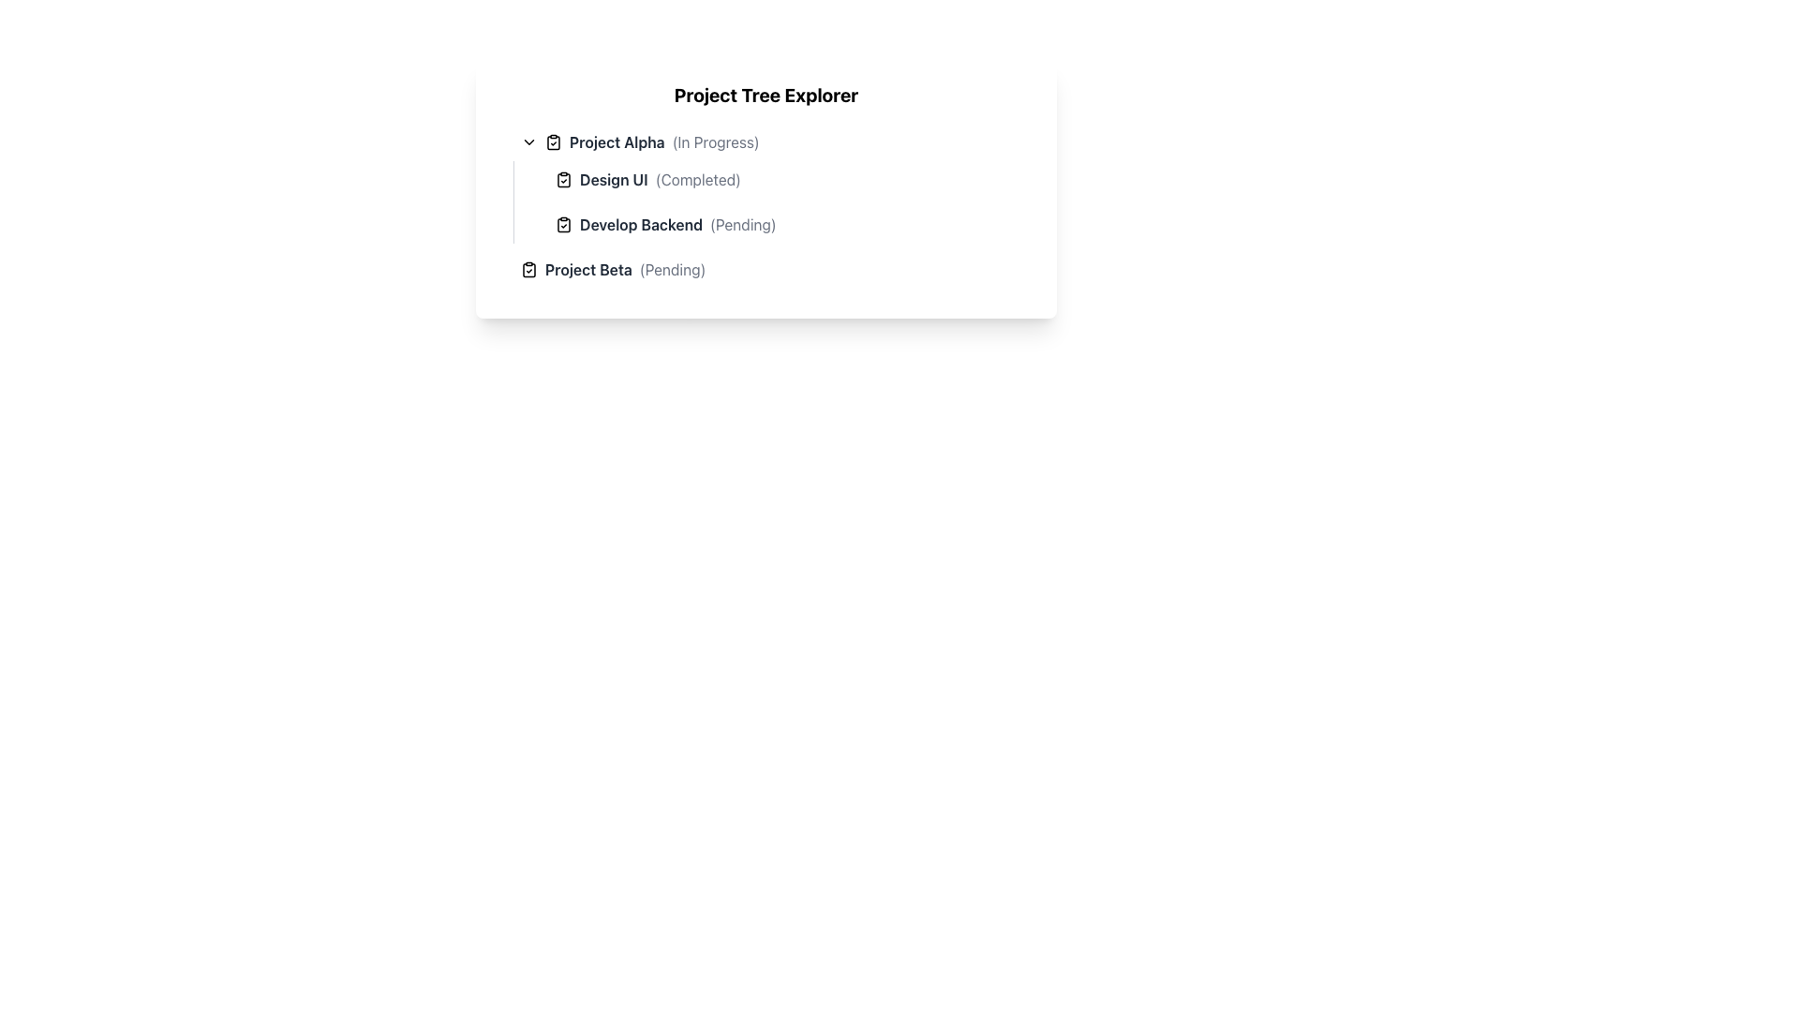 This screenshot has width=1799, height=1012. Describe the element at coordinates (562, 223) in the screenshot. I see `the status icon indicating 'Develop Backend (Pending)' which is the first graphical component aligned to the left margin of the text in the list under 'Project Alpha (In Progress)'` at that location.